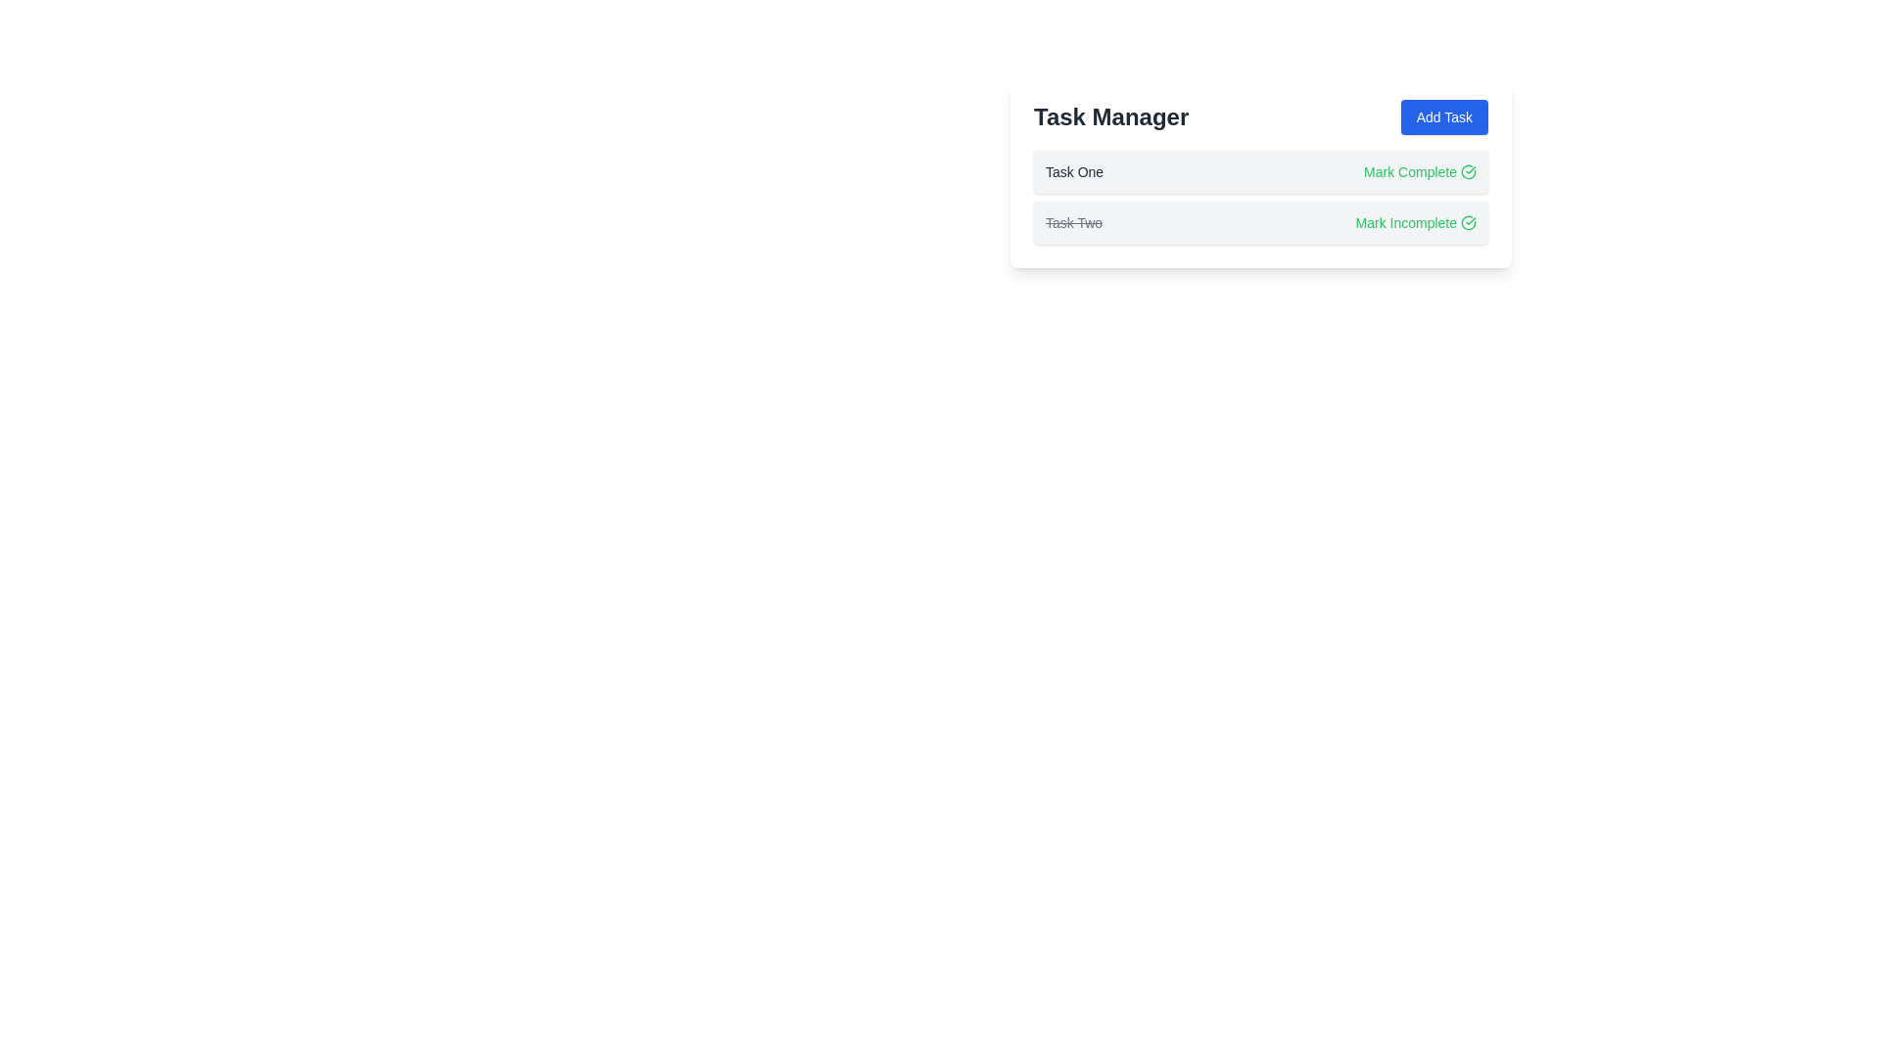  Describe the element at coordinates (1416, 221) in the screenshot. I see `the button located to the right of the text 'Task Two' in the second task row to mark the task as incomplete` at that location.